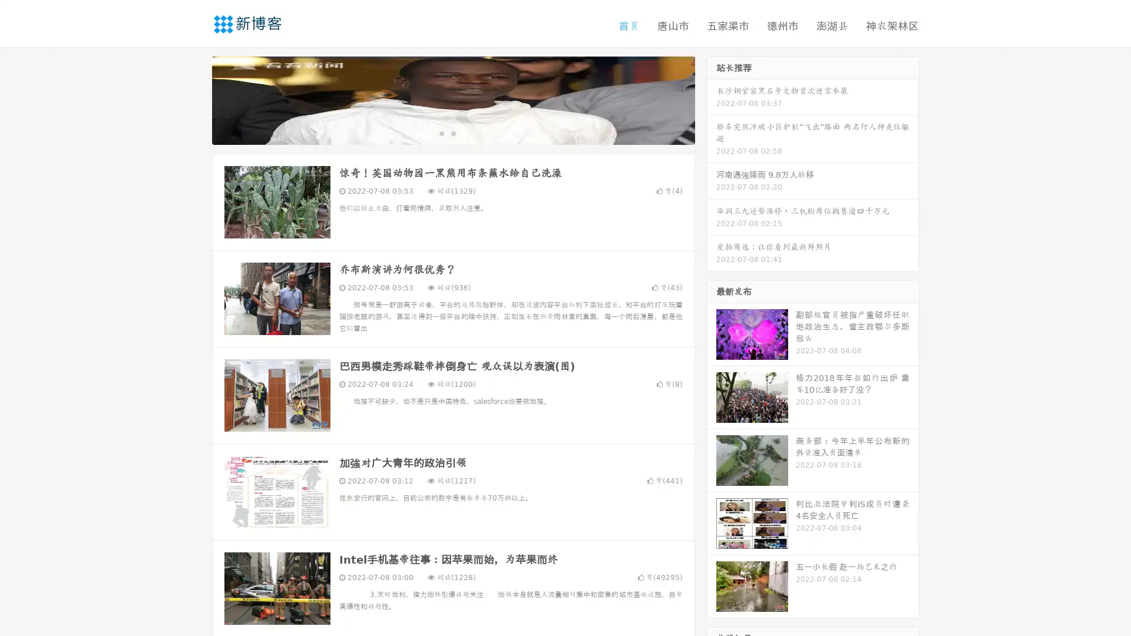  Describe the element at coordinates (452, 132) in the screenshot. I see `Go to slide 2` at that location.